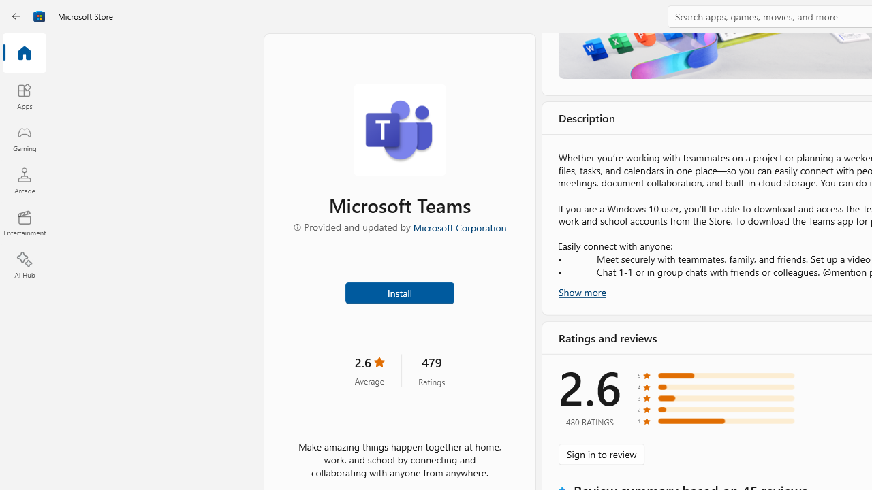 The image size is (872, 490). What do you see at coordinates (24, 95) in the screenshot?
I see `'Apps'` at bounding box center [24, 95].